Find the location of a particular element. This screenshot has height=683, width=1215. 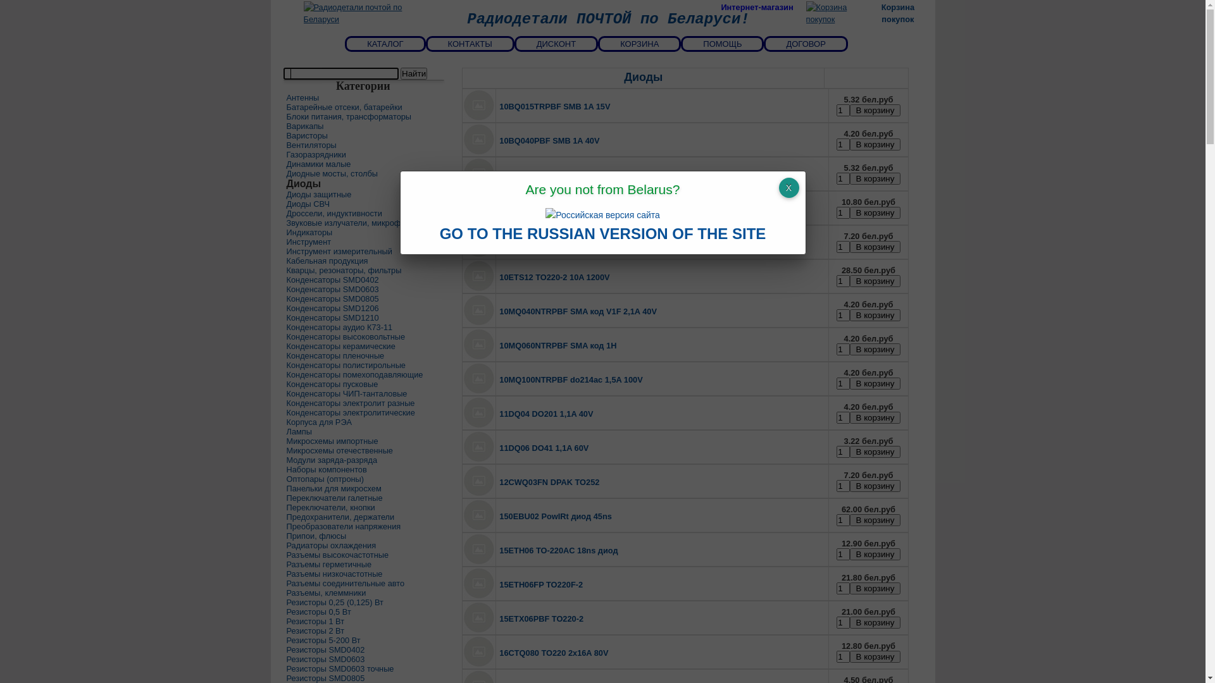

'GO TO THE RUSSIAN VERSION OF THE SITE' is located at coordinates (602, 235).